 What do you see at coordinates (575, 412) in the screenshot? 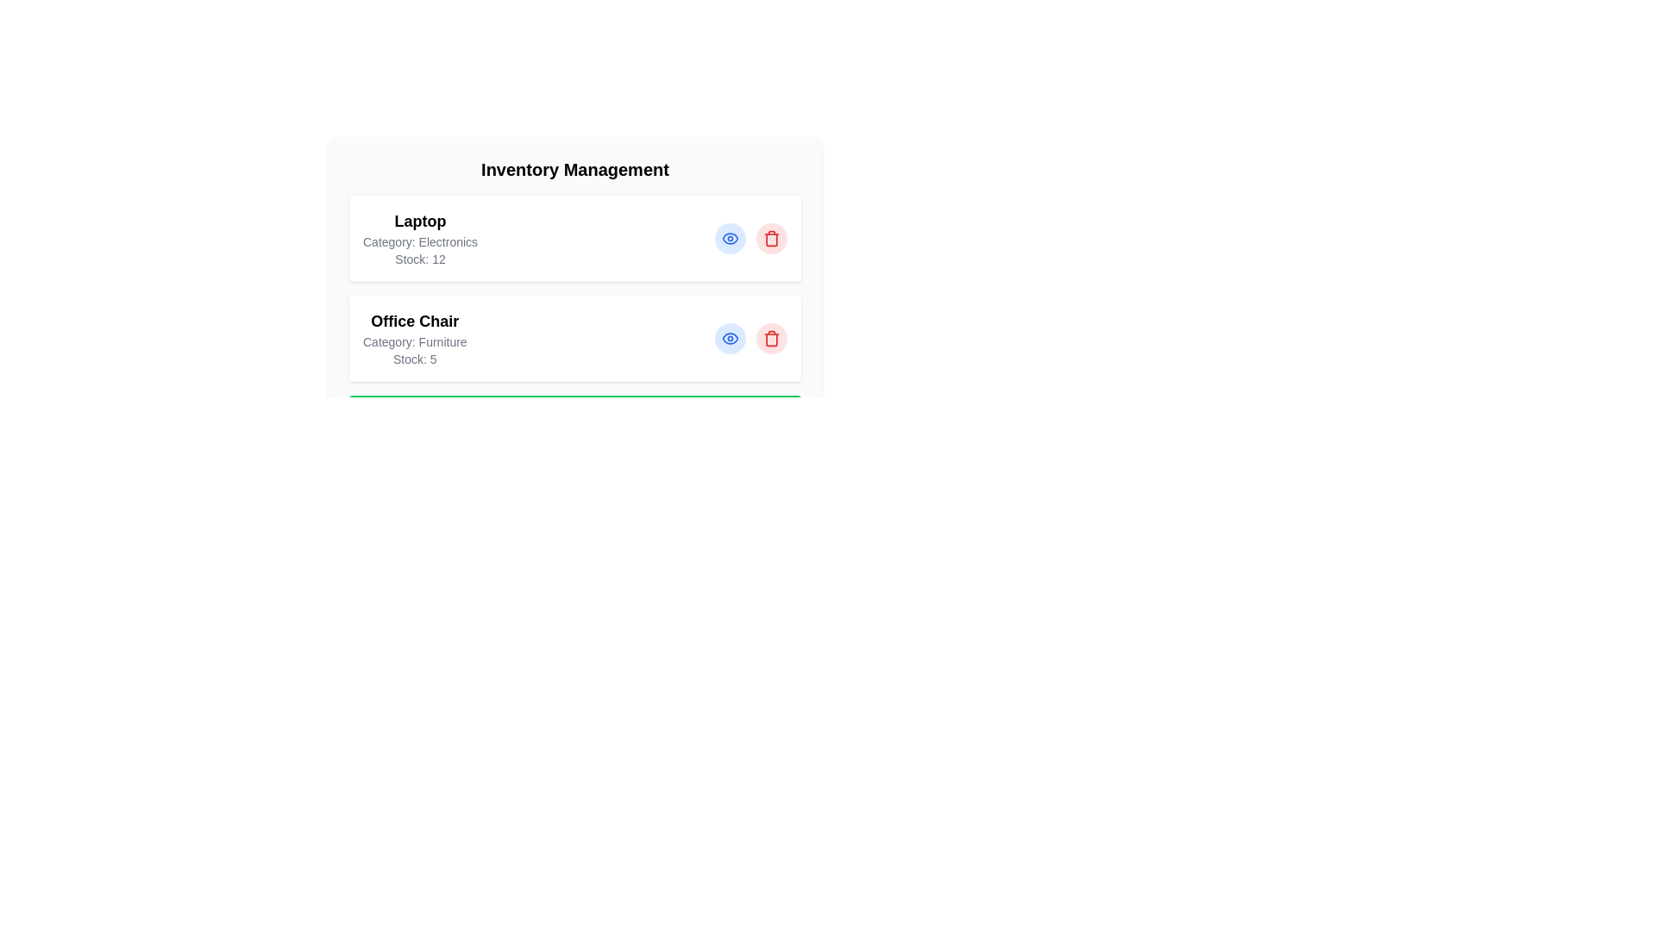
I see `the 'Add Item' button to add a new item to the inventory` at bounding box center [575, 412].